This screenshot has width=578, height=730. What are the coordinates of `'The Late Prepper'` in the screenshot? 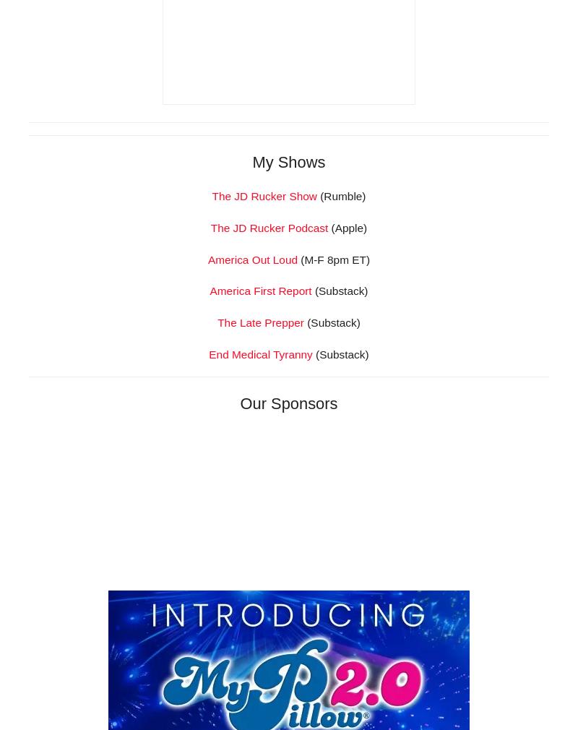 It's located at (260, 524).